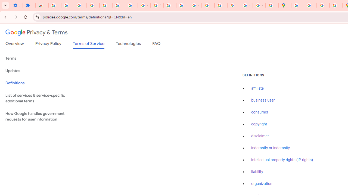  What do you see at coordinates (263, 100) in the screenshot?
I see `'business user'` at bounding box center [263, 100].